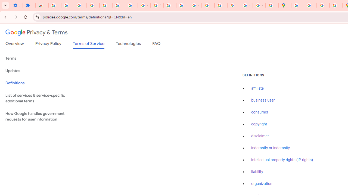  What do you see at coordinates (263, 100) in the screenshot?
I see `'business user'` at bounding box center [263, 100].